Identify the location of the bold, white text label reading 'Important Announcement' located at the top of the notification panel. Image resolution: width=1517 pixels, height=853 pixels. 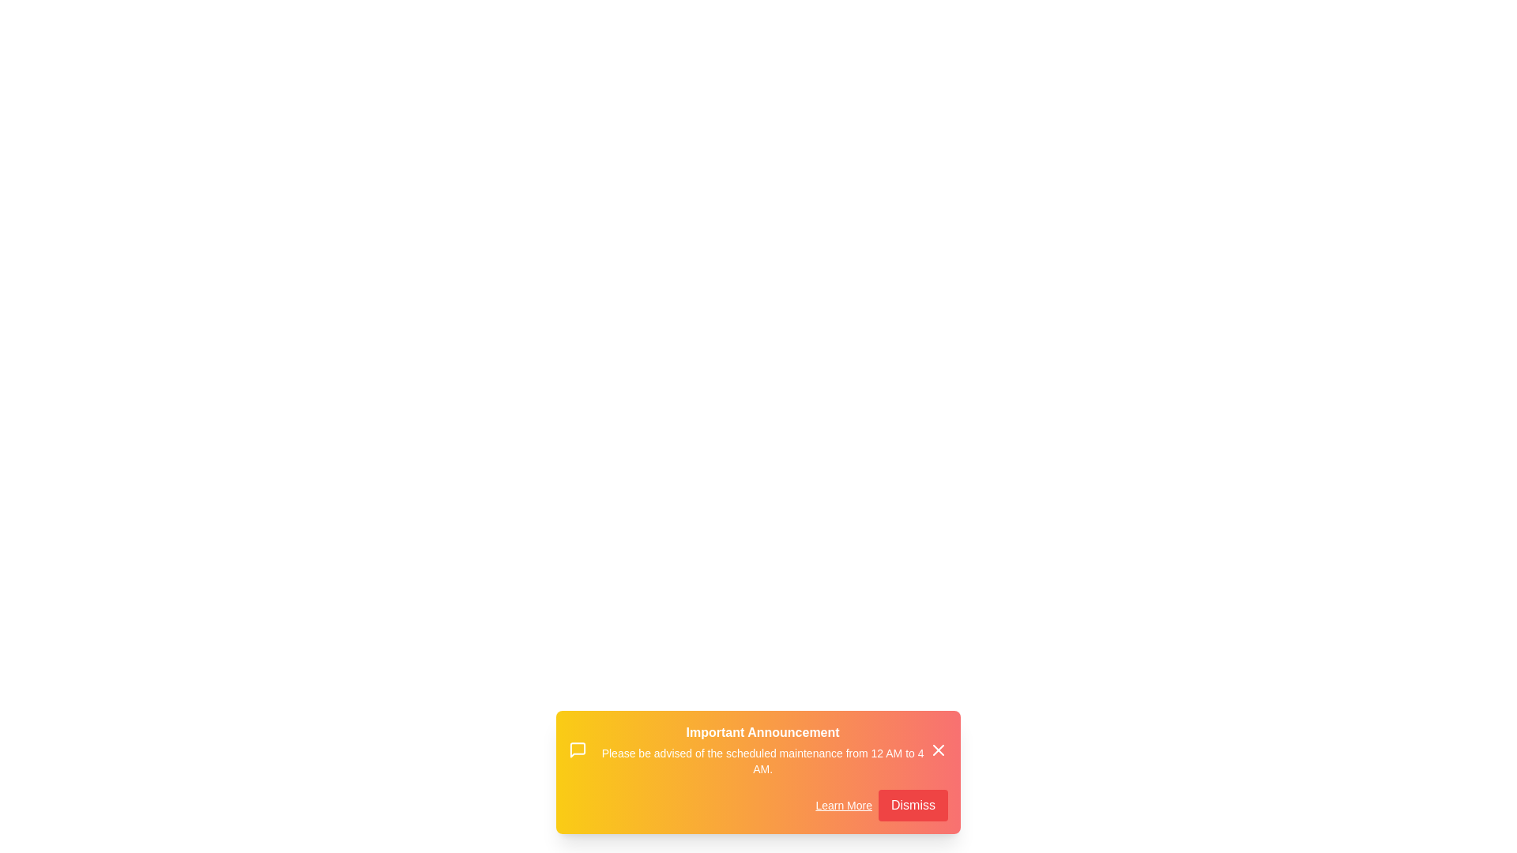
(762, 733).